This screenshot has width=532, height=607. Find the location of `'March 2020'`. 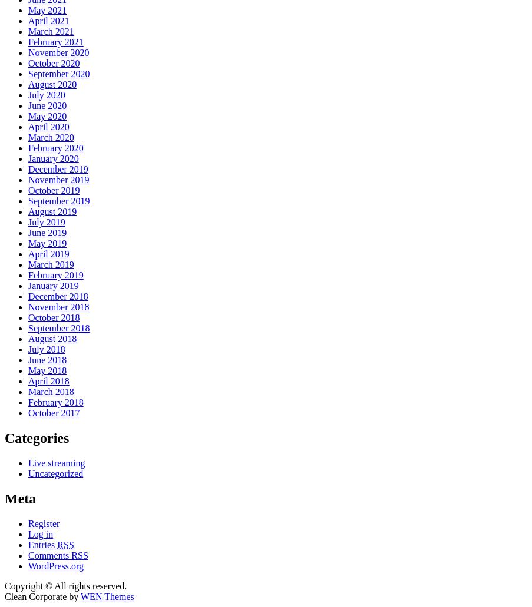

'March 2020' is located at coordinates (51, 137).